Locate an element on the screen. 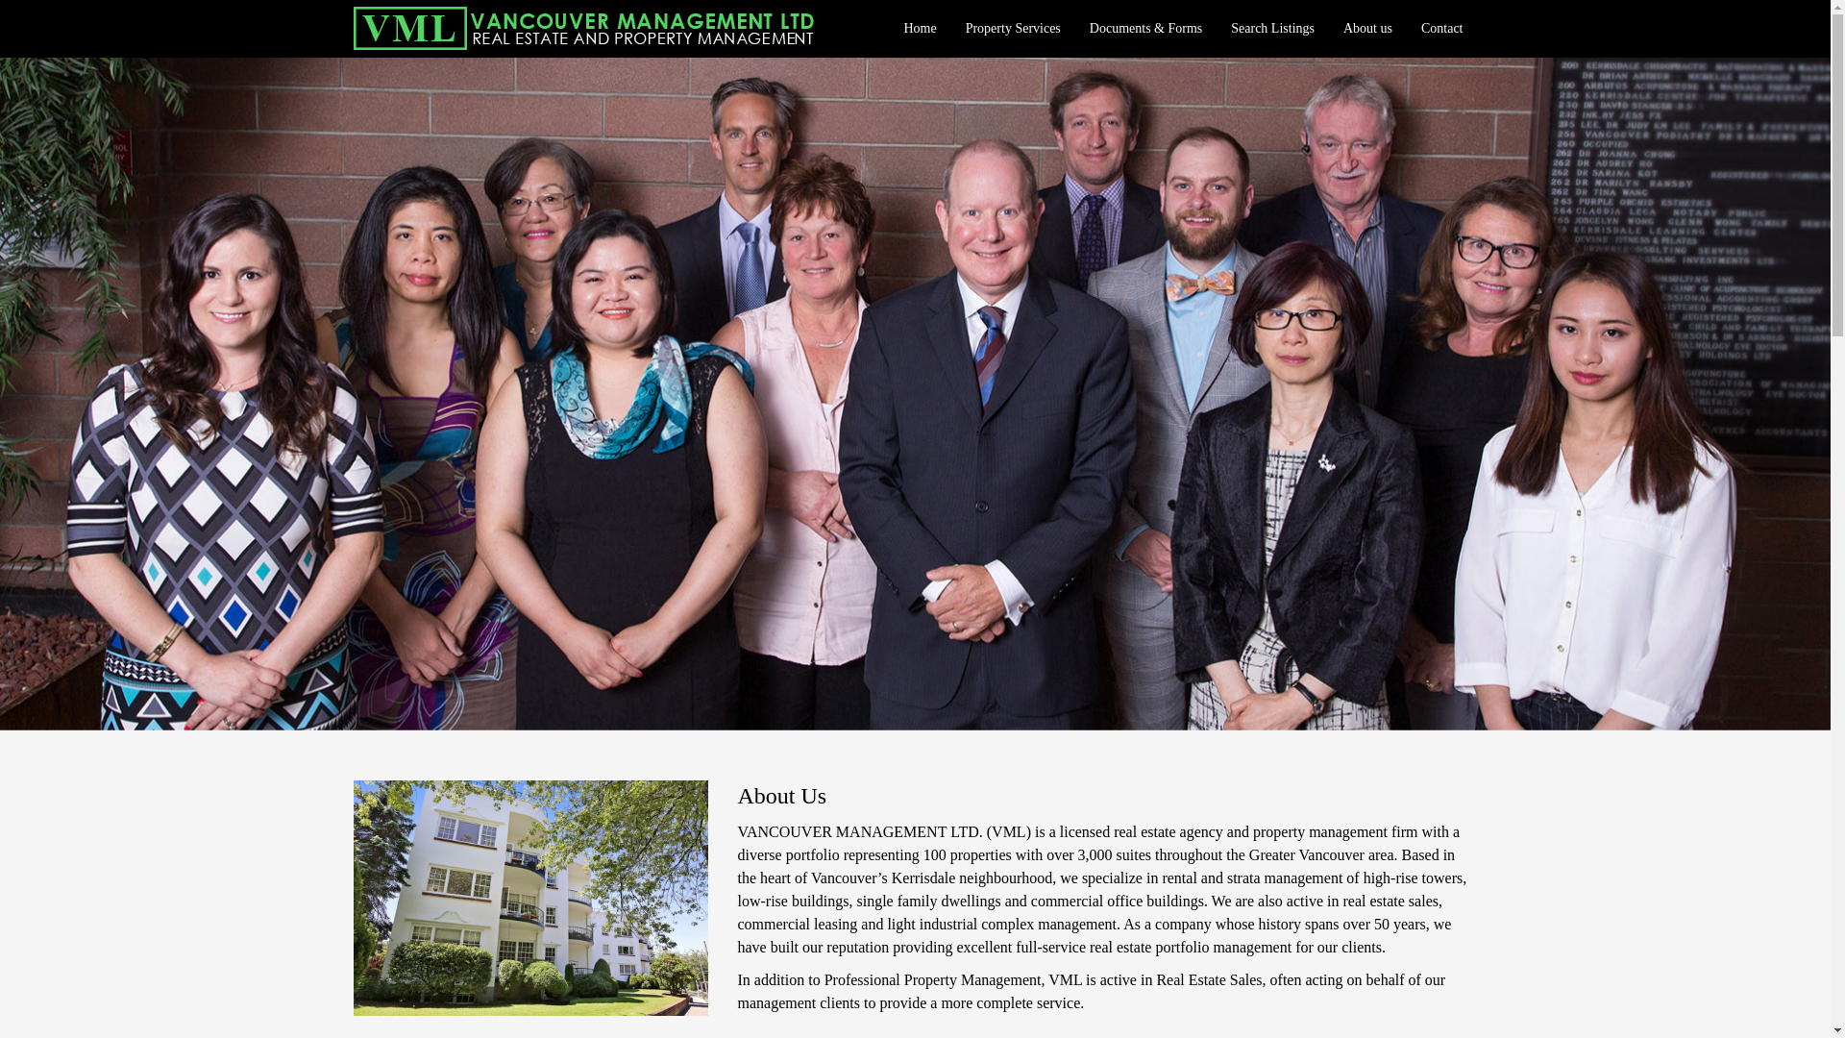 This screenshot has width=1845, height=1038. 'Home' is located at coordinates (918, 29).